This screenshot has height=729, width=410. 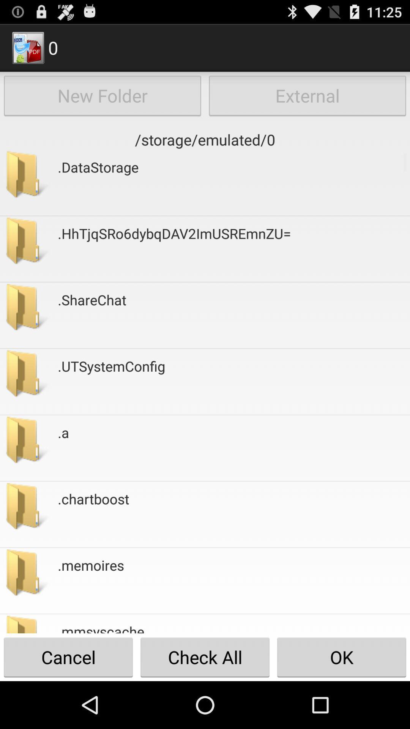 What do you see at coordinates (98, 183) in the screenshot?
I see `the icon above the .hhtjqsro6dybqdav2imusremnzu= icon` at bounding box center [98, 183].